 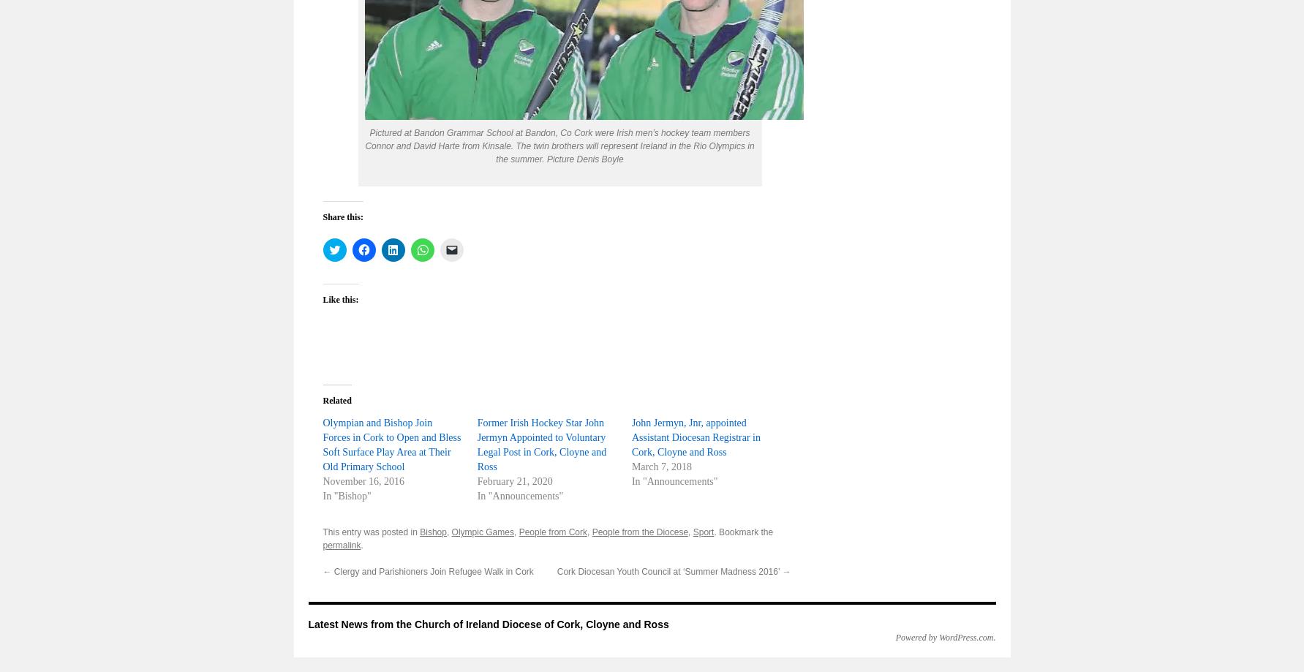 I want to click on 'Bishop', so click(x=431, y=532).